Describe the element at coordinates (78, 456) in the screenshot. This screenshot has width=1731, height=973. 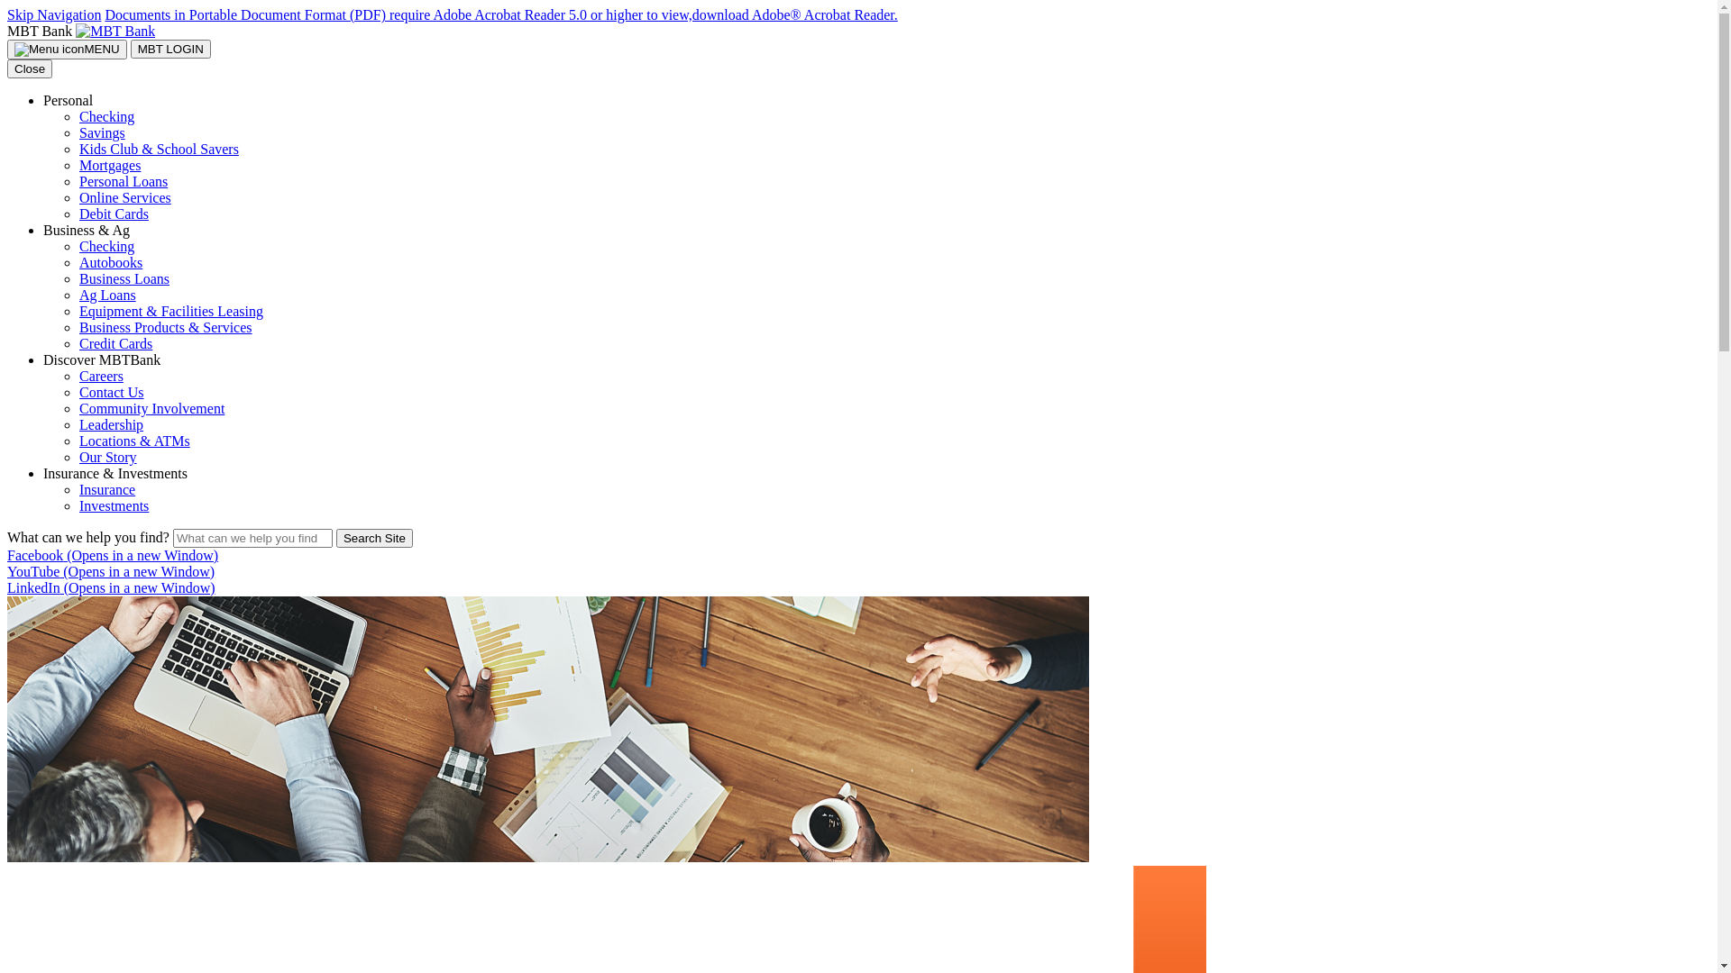
I see `'Our Story'` at that location.